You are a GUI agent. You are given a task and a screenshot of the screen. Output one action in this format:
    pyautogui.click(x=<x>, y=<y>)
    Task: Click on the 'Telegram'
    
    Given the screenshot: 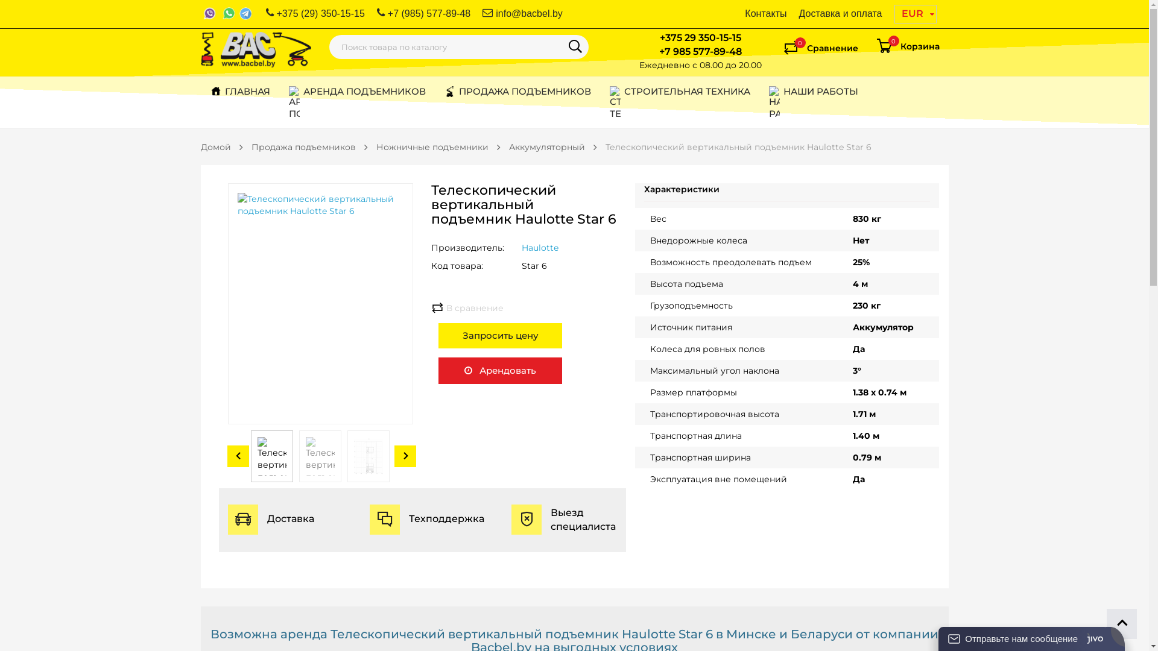 What is the action you would take?
    pyautogui.click(x=245, y=13)
    